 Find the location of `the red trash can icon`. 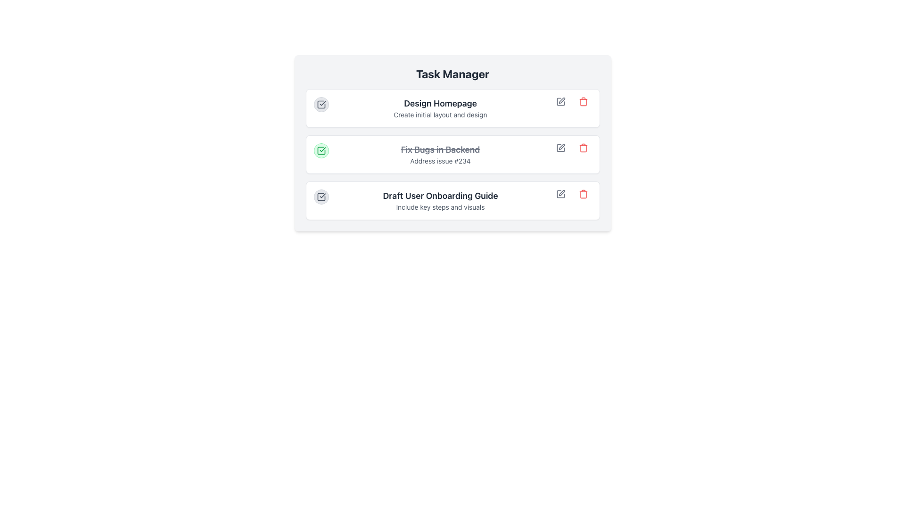

the red trash can icon is located at coordinates (583, 102).